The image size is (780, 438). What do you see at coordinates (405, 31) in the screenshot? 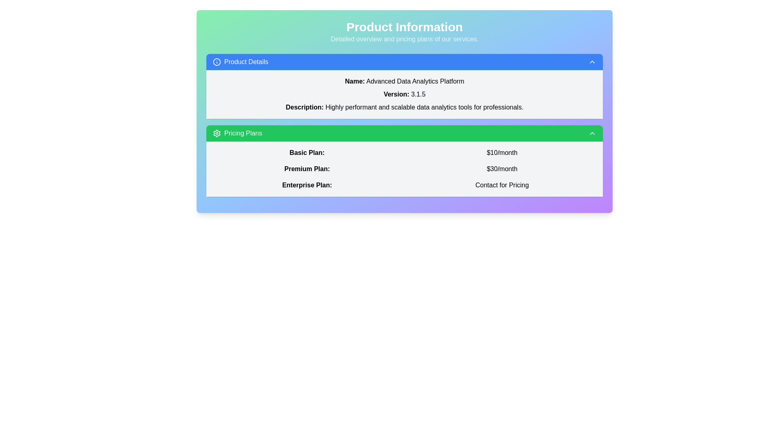
I see `the textual header titled 'Product Information' with the subtitle 'Detailed overview and pricing plans of our services'` at bounding box center [405, 31].